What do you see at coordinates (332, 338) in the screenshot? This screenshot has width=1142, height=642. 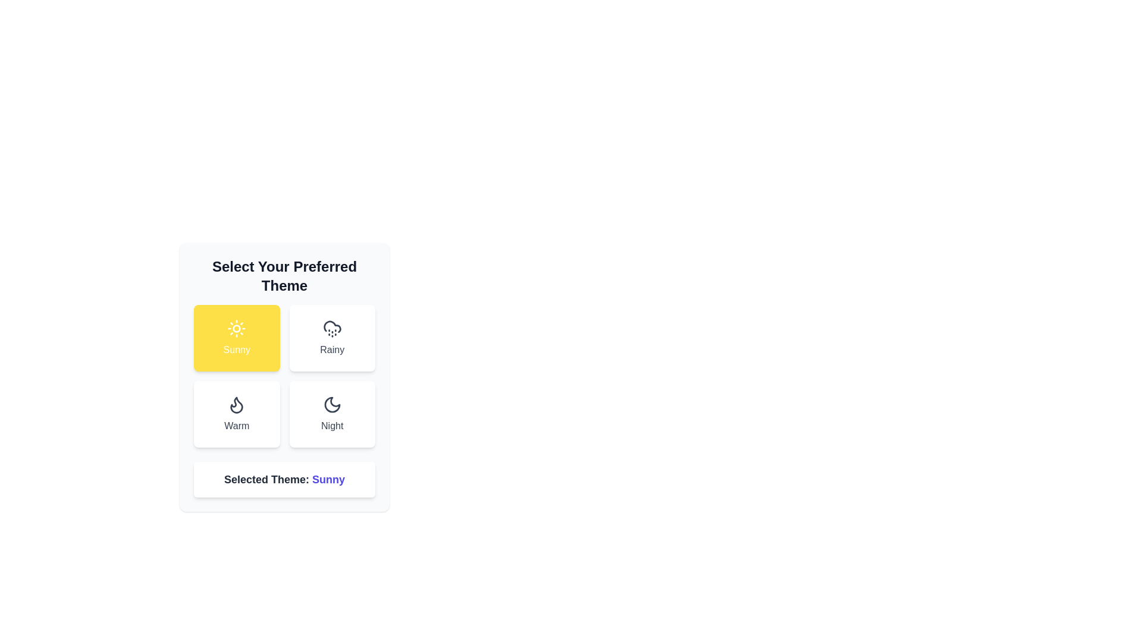 I see `the theme button labeled Rainy to select it` at bounding box center [332, 338].